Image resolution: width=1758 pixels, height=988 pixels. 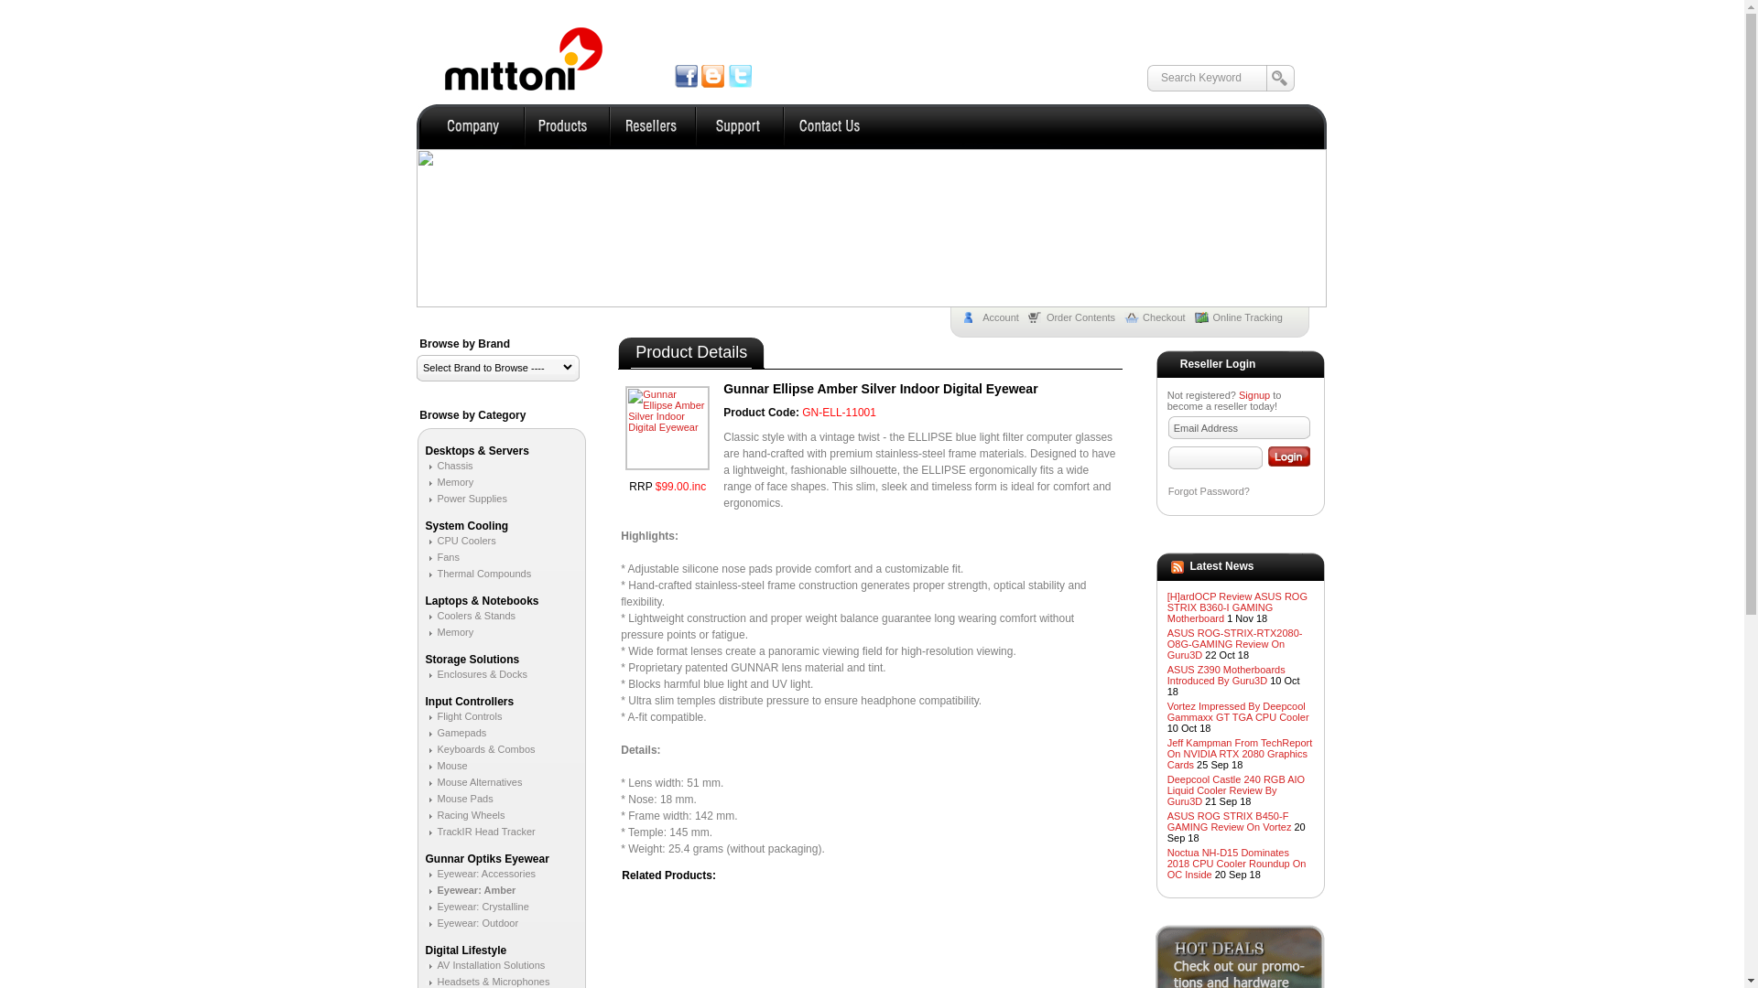 What do you see at coordinates (1158, 317) in the screenshot?
I see `'Checkout'` at bounding box center [1158, 317].